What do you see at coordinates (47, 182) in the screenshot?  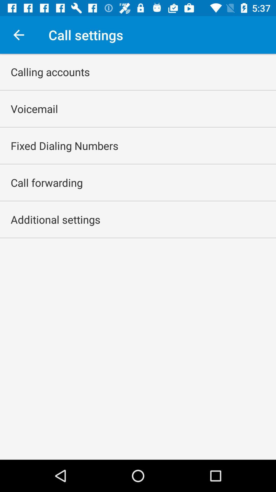 I see `item below fixed dialing numbers item` at bounding box center [47, 182].